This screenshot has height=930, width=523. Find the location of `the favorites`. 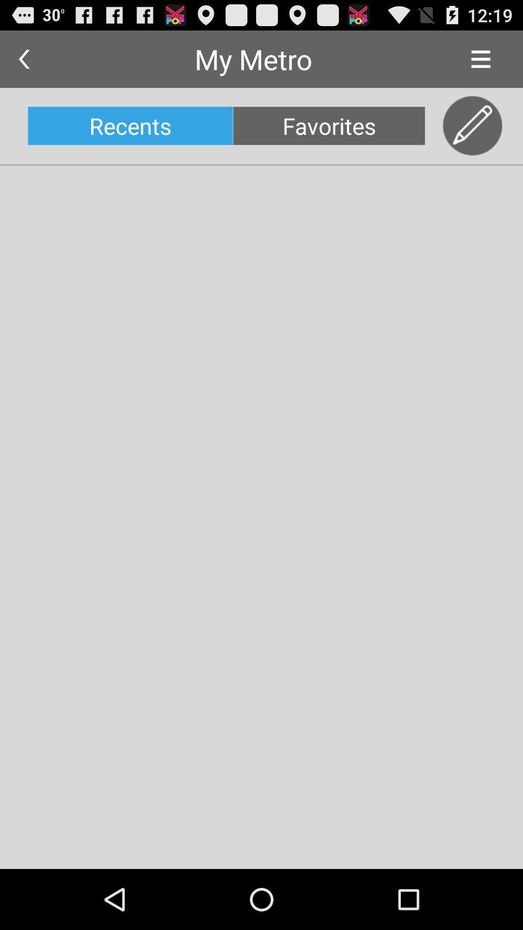

the favorites is located at coordinates (328, 125).